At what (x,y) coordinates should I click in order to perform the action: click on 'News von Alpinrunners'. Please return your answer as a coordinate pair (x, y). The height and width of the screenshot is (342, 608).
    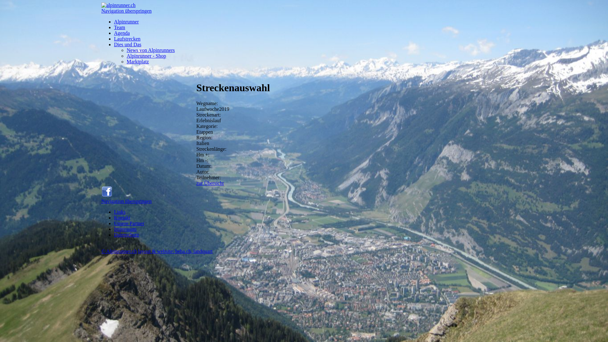
    Looking at the image, I should click on (150, 50).